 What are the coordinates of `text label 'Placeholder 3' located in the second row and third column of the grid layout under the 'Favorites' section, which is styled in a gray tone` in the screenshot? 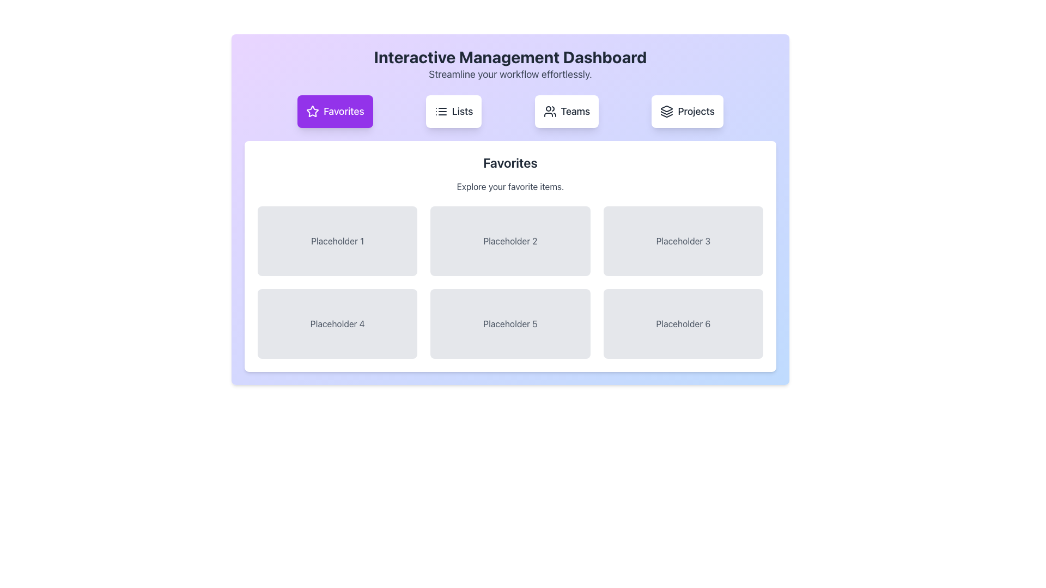 It's located at (683, 241).